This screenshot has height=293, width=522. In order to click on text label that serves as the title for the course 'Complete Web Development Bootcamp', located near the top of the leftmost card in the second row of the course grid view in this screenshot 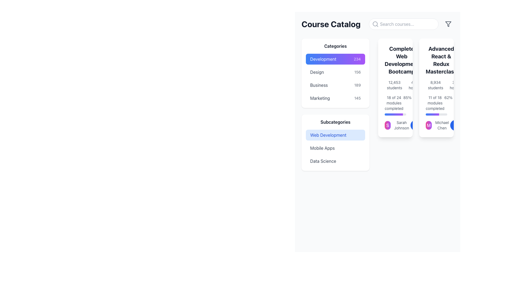, I will do `click(402, 60)`.